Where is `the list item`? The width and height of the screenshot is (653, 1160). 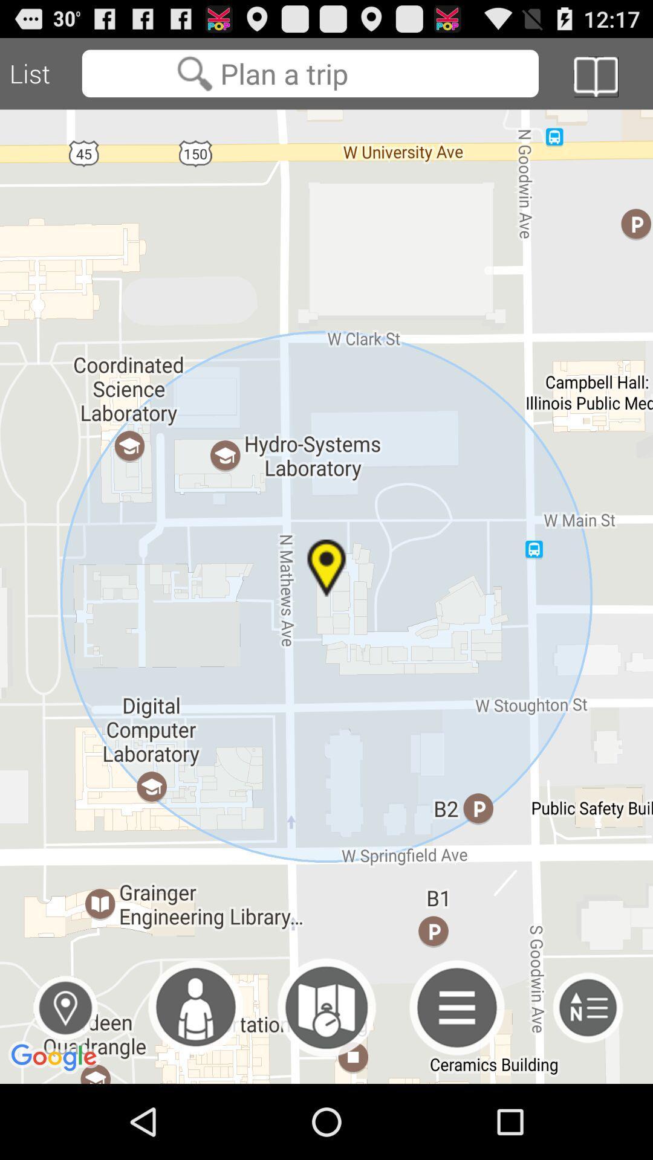
the list item is located at coordinates (40, 73).